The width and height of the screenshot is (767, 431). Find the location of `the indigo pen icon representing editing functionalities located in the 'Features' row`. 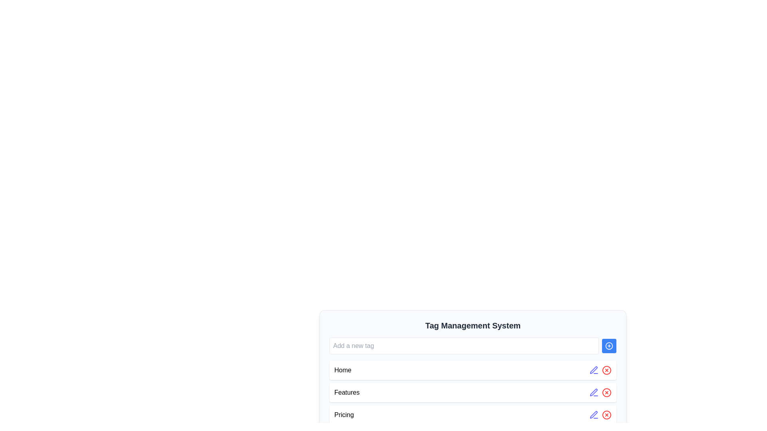

the indigo pen icon representing editing functionalities located in the 'Features' row is located at coordinates (594, 415).